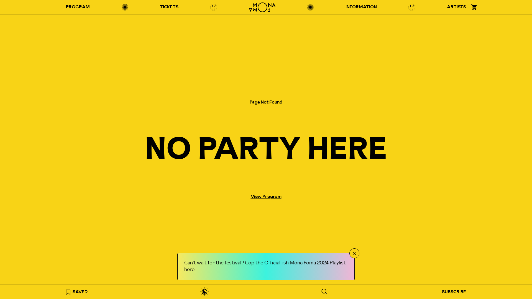 This screenshot has height=299, width=532. Describe the element at coordinates (444, 7) in the screenshot. I see `'ARTISTS'` at that location.